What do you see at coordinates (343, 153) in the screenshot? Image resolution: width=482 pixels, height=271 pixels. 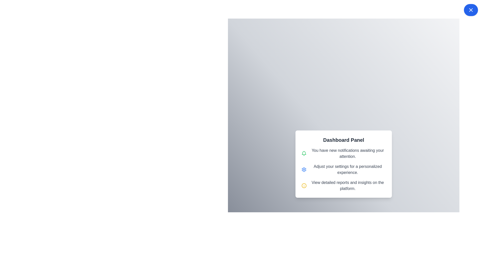 I see `notification text from the Notification Indicator that displays 'You have new notifications awaiting your attention' located under the 'Dashboard Panel'` at bounding box center [343, 153].